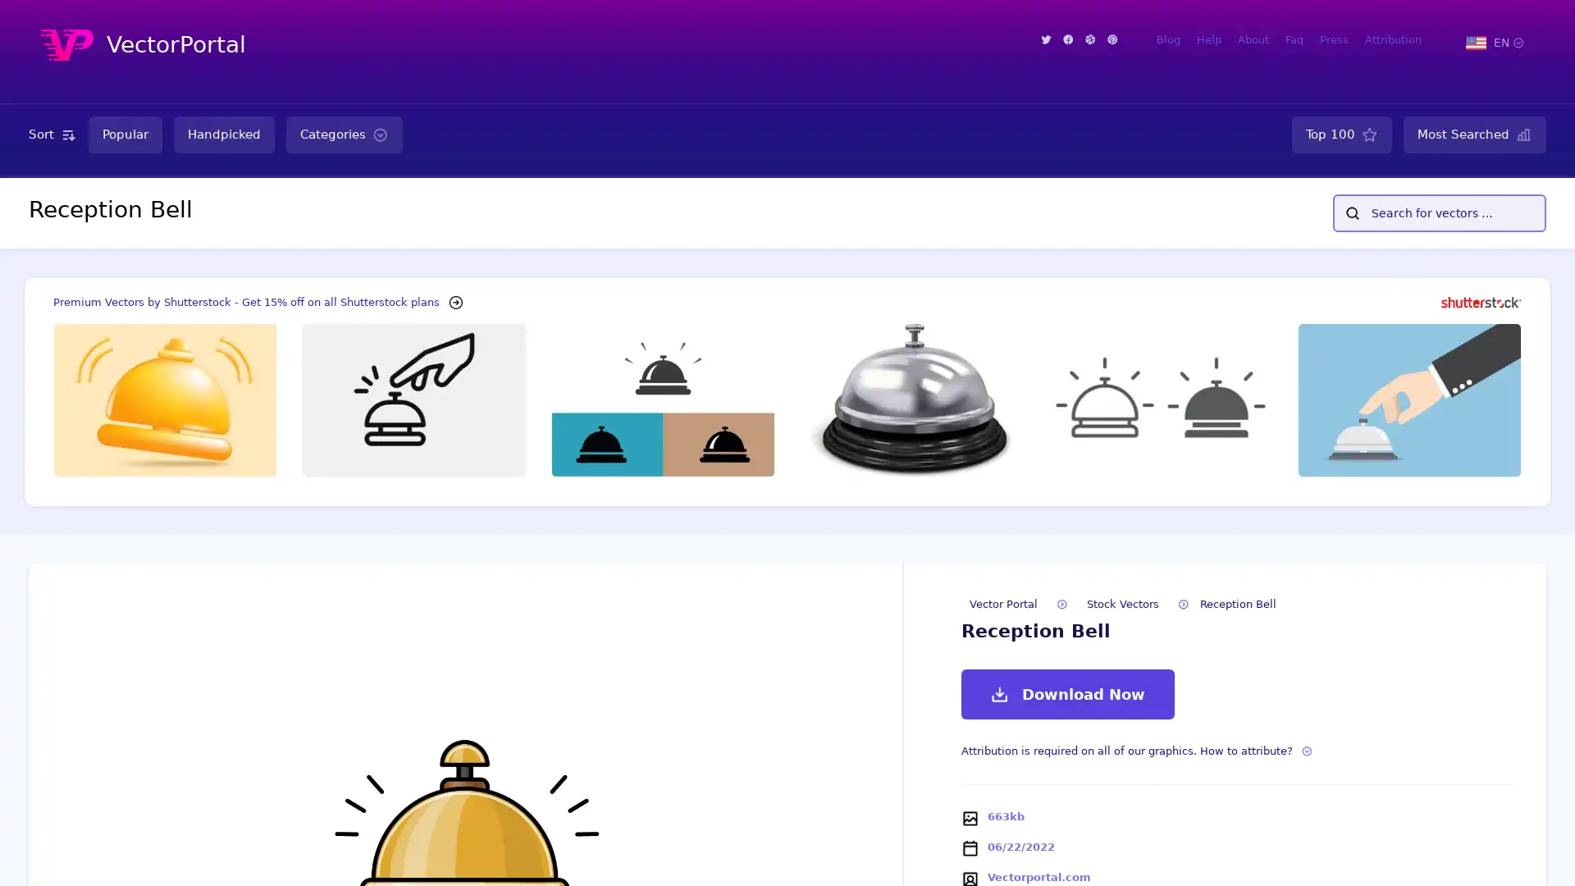  I want to click on EN, so click(1494, 41).